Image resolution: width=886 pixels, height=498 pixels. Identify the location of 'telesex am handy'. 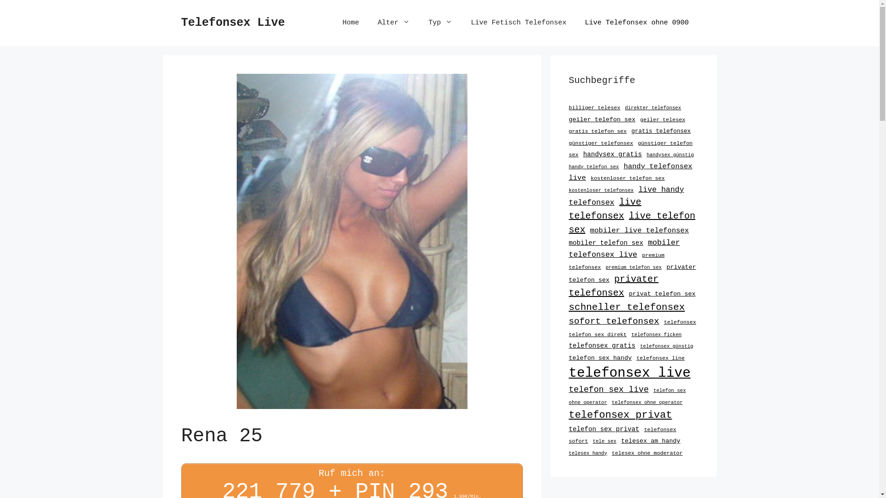
(650, 440).